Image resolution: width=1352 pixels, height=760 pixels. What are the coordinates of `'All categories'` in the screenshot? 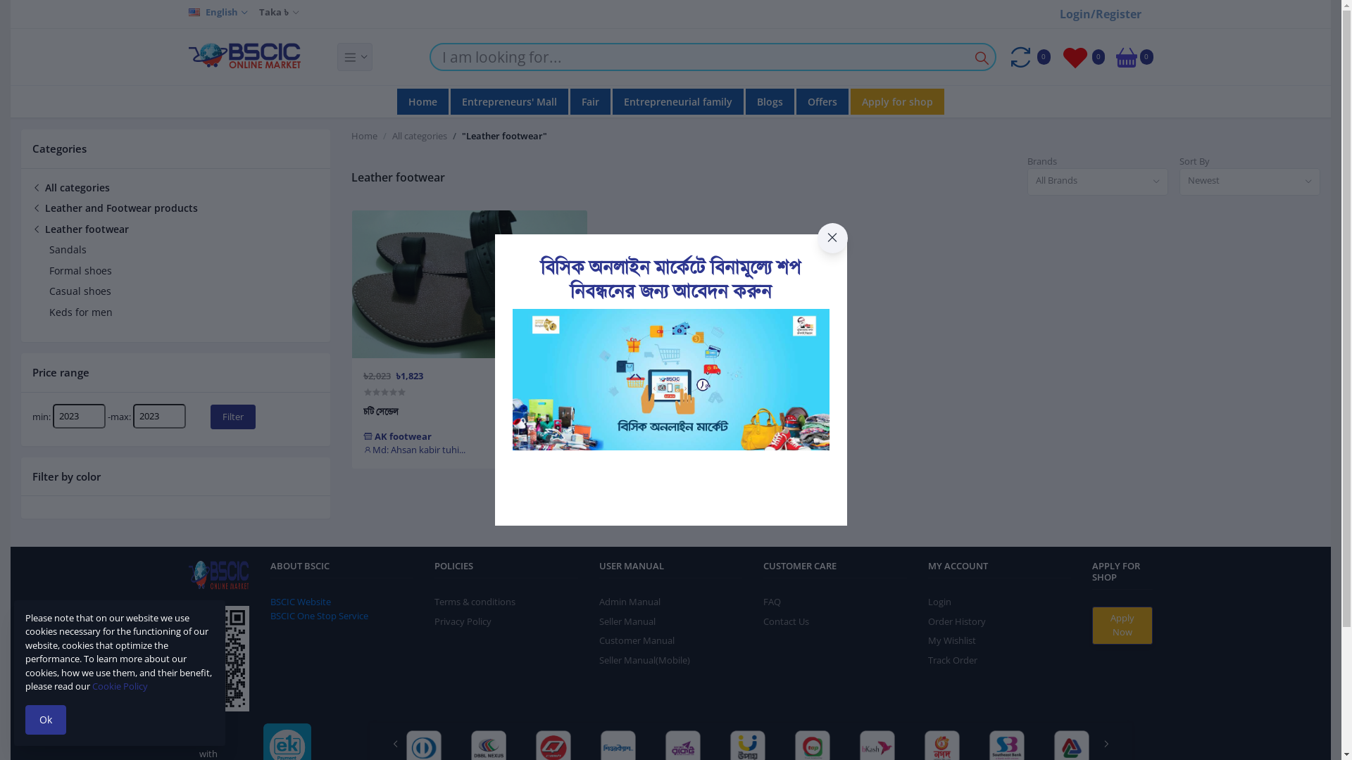 It's located at (70, 186).